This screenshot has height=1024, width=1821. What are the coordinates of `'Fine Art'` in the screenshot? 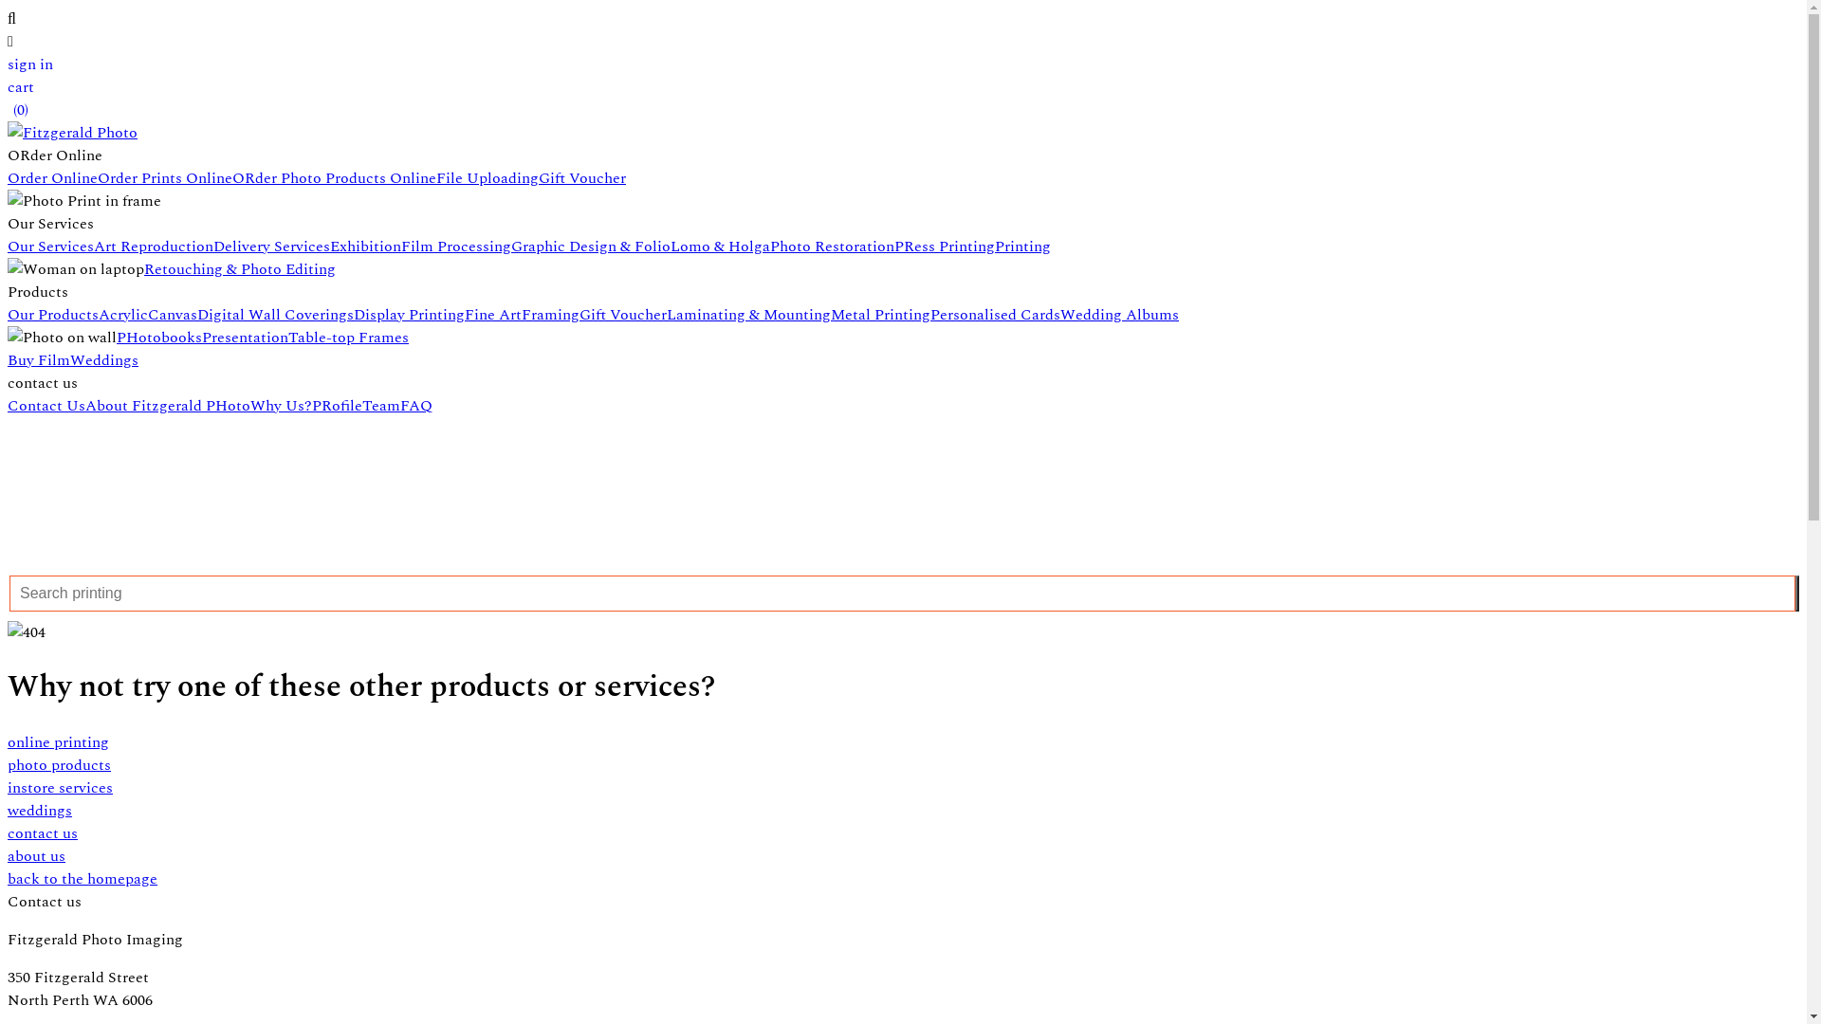 It's located at (464, 313).